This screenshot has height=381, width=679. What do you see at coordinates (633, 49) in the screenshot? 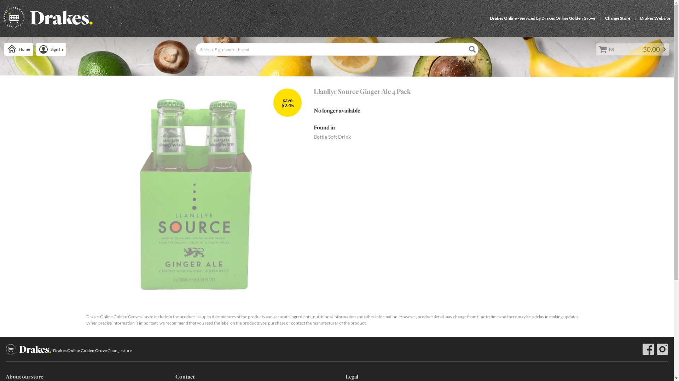
I see `'(0)` at bounding box center [633, 49].